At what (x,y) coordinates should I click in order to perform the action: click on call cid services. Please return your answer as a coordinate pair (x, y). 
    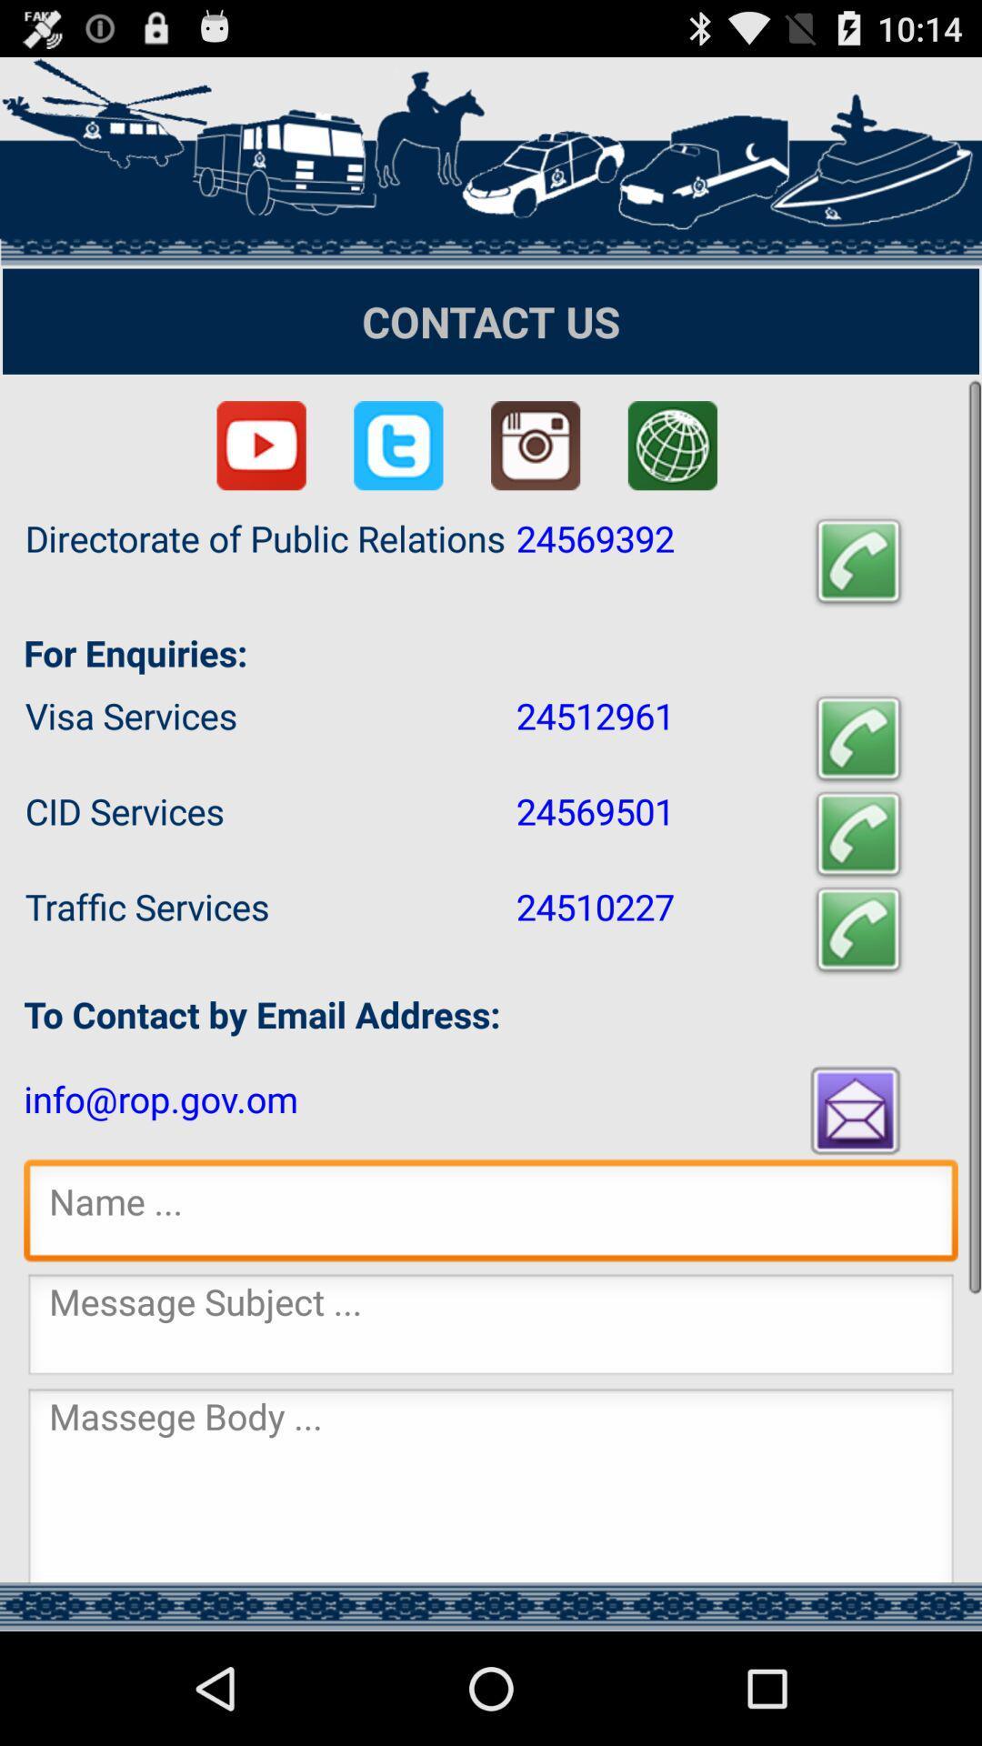
    Looking at the image, I should click on (858, 833).